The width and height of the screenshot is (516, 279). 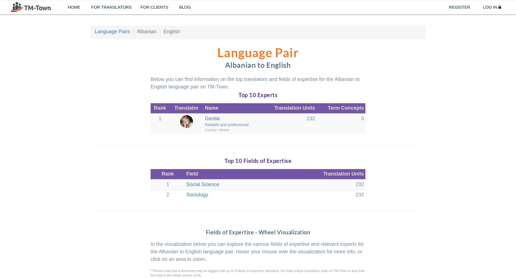 What do you see at coordinates (224, 160) in the screenshot?
I see `'Top 10 Fields of Expertise'` at bounding box center [224, 160].